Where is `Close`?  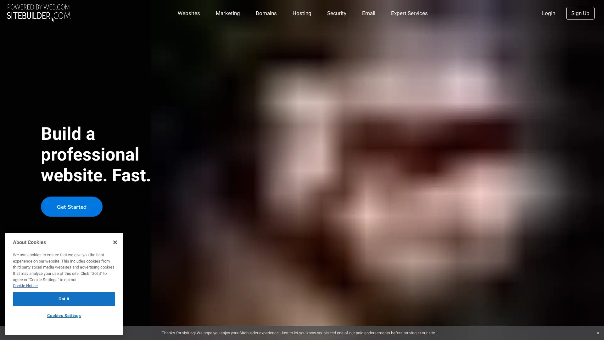 Close is located at coordinates (115, 241).